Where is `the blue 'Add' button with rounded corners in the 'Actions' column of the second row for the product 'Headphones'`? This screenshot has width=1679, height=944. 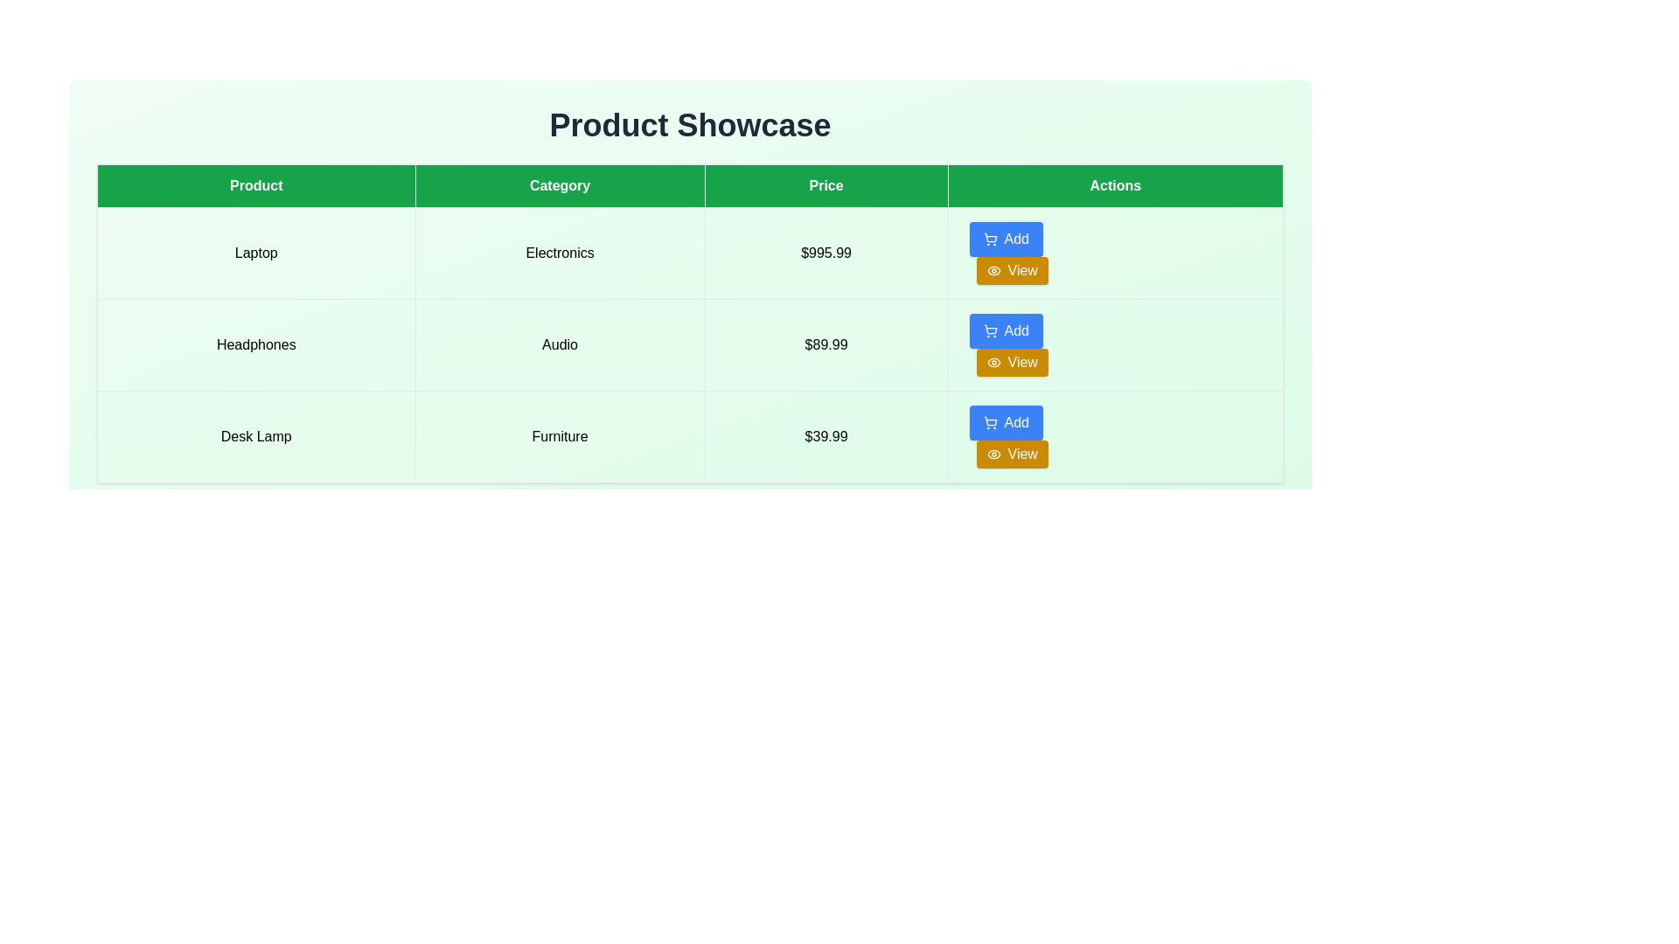
the blue 'Add' button with rounded corners in the 'Actions' column of the second row for the product 'Headphones' is located at coordinates (1006, 330).